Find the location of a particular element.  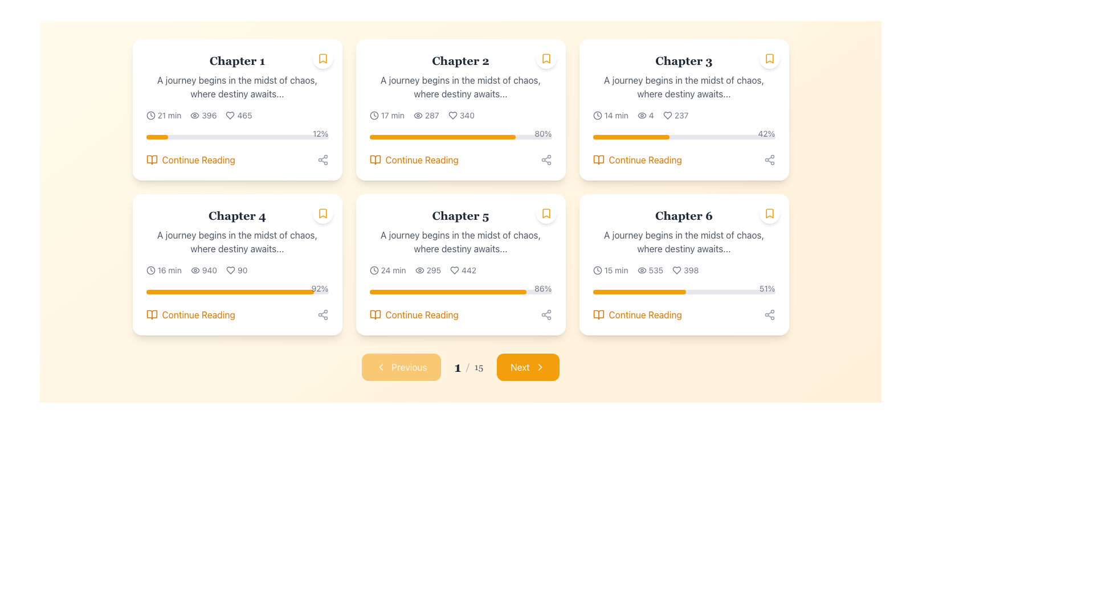

the text display component that shows the reading time '14 min', located within the 'Chapter 3' card and adjacent to a clock icon is located at coordinates (615, 116).